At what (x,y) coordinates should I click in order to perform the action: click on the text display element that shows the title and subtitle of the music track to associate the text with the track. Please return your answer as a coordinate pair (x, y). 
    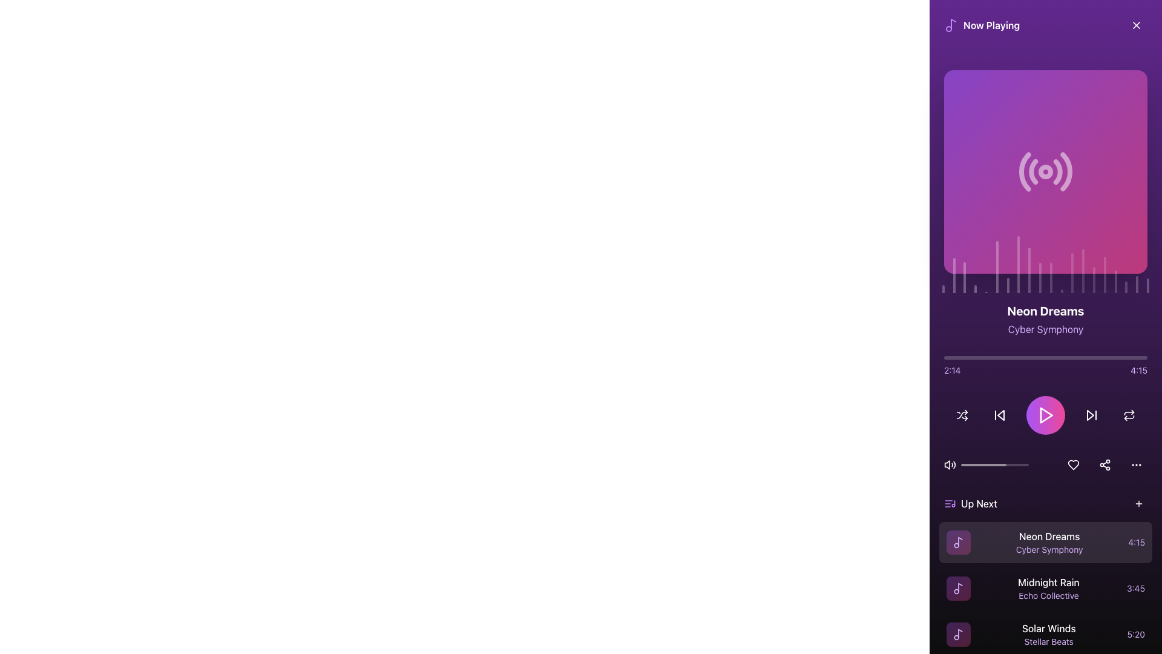
    Looking at the image, I should click on (1048, 541).